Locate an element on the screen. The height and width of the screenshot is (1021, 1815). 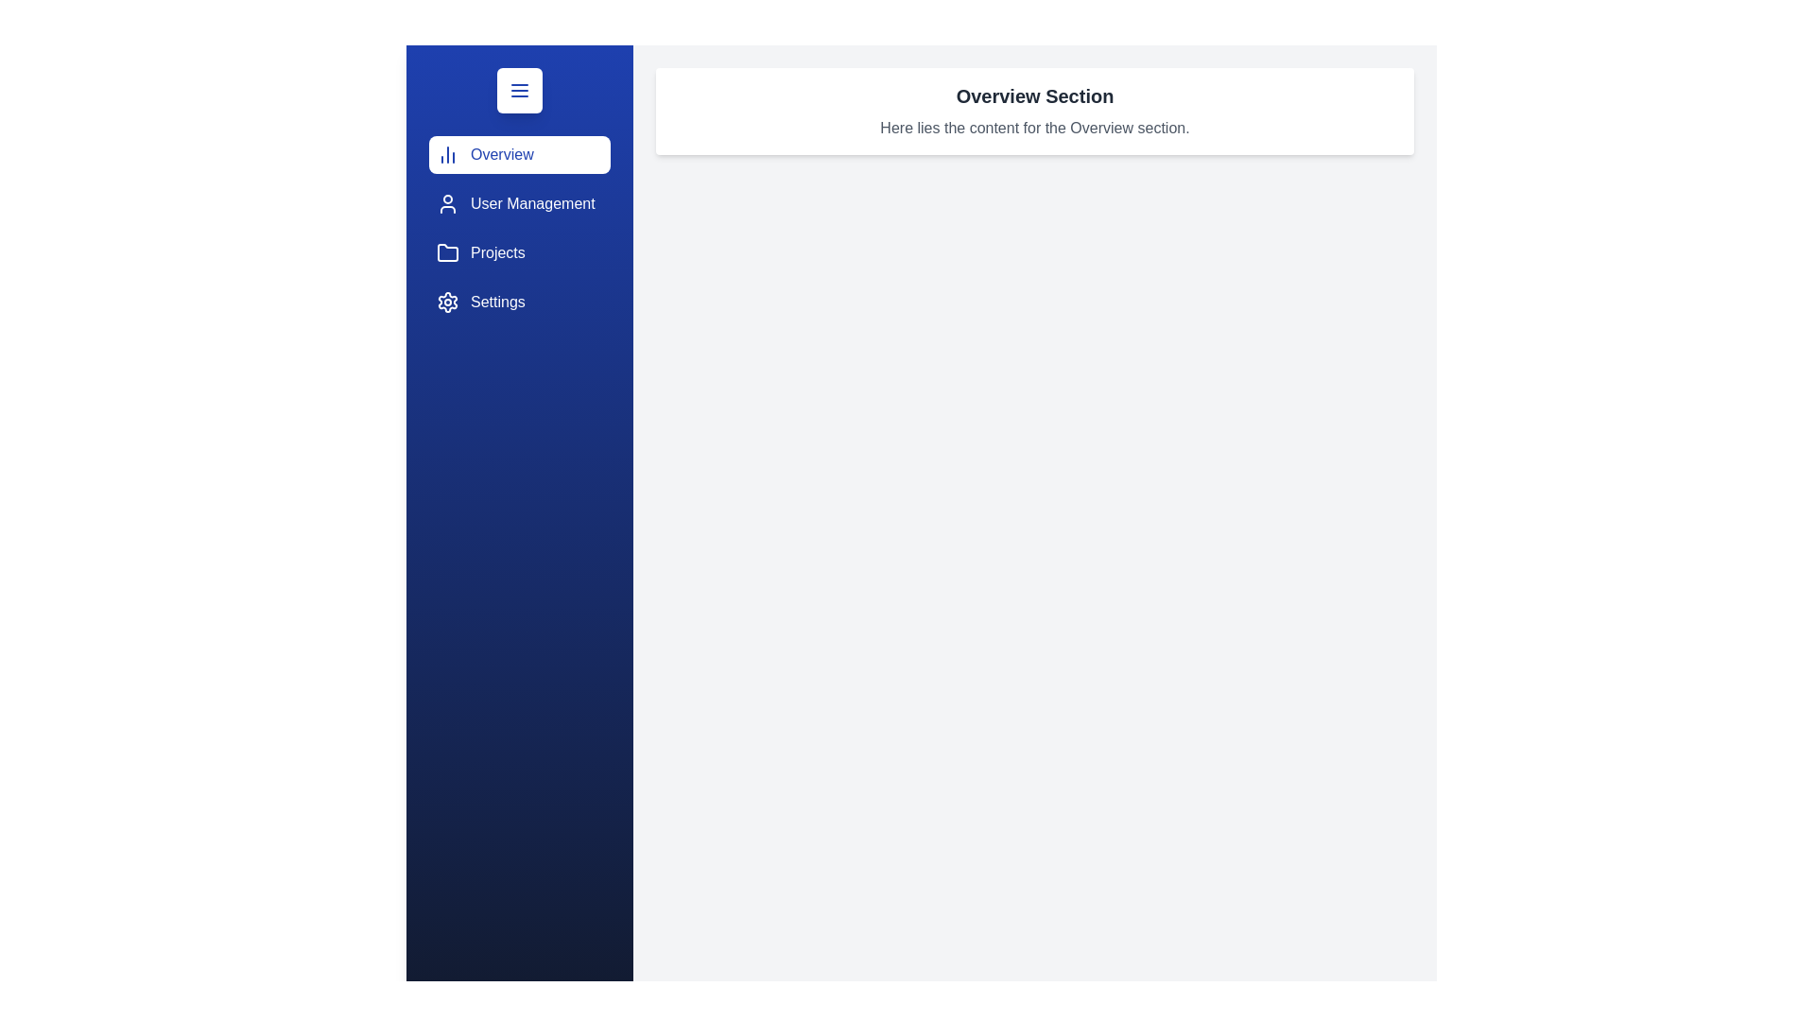
the sidebar section Settings by clicking on its corresponding area is located at coordinates (520, 302).